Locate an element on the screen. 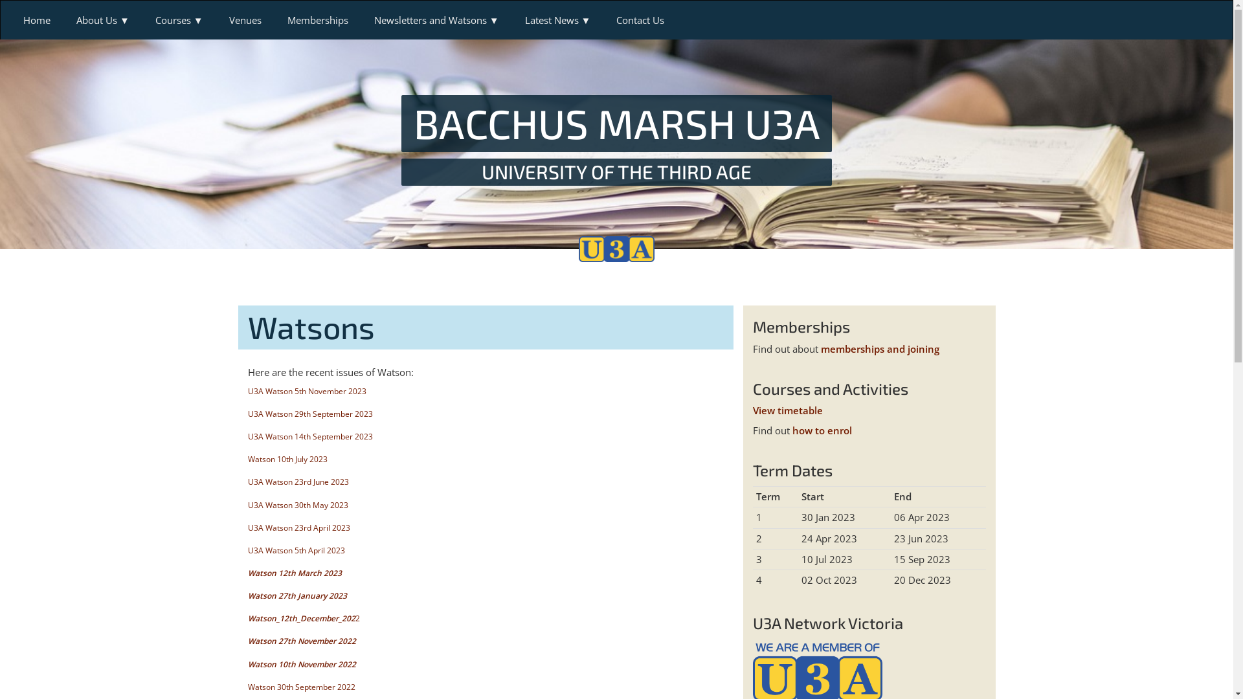 The width and height of the screenshot is (1243, 699). 'memberships and joining' is located at coordinates (880, 348).